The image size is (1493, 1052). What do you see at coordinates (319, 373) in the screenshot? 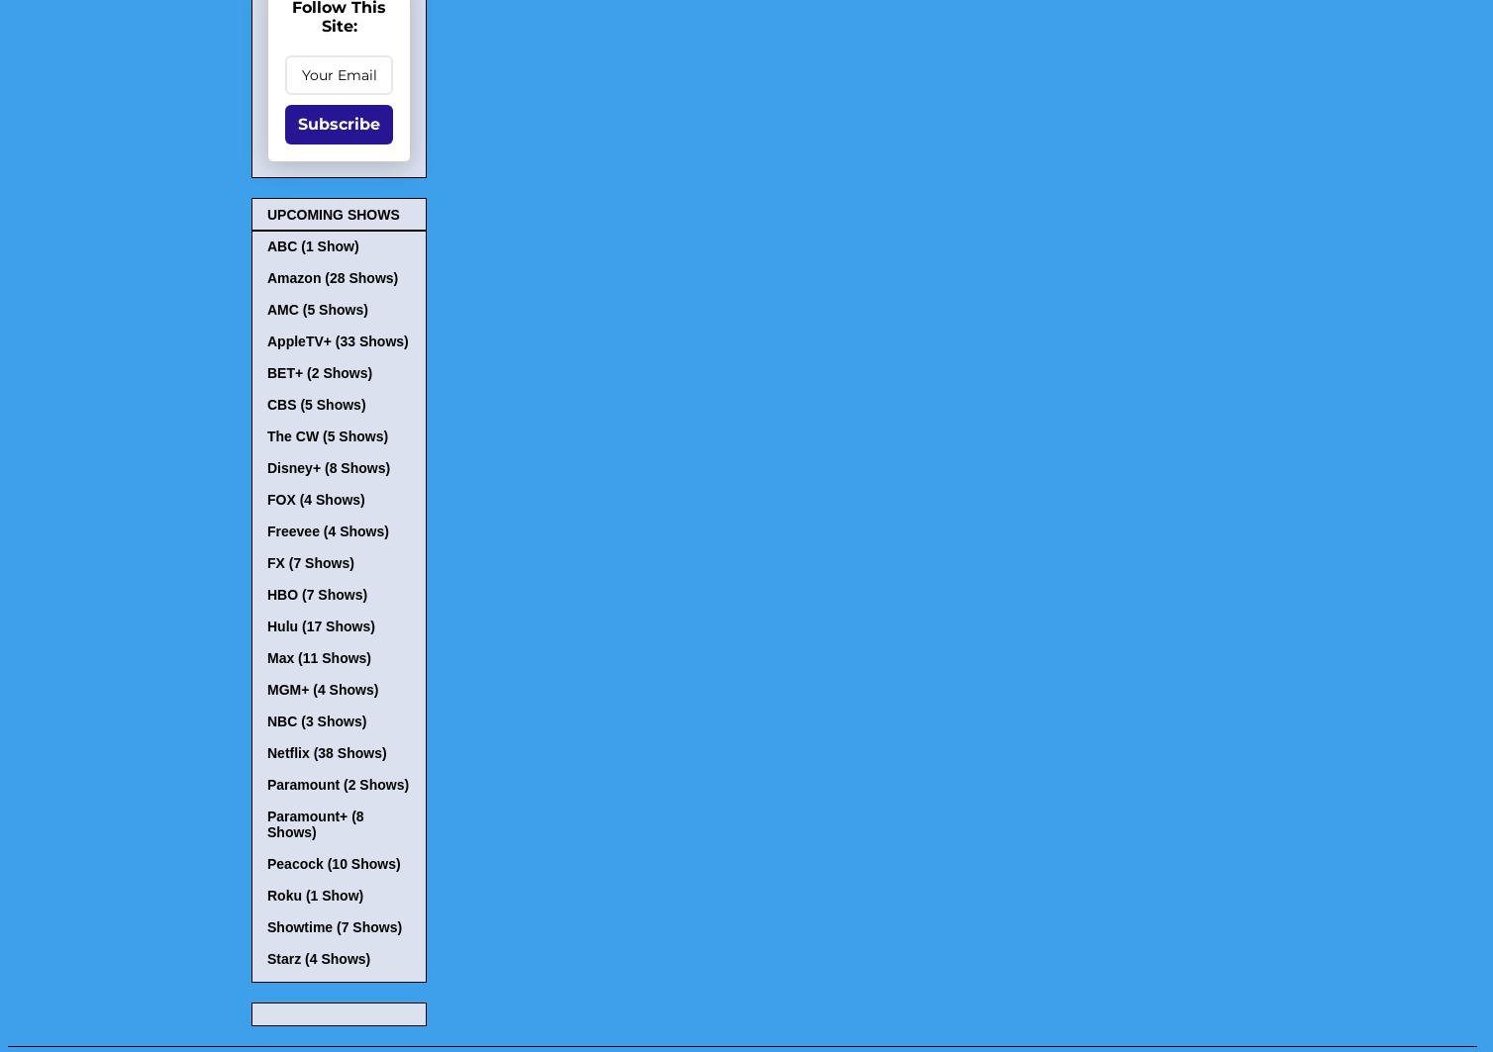
I see `'BET+ (2 Shows)'` at bounding box center [319, 373].